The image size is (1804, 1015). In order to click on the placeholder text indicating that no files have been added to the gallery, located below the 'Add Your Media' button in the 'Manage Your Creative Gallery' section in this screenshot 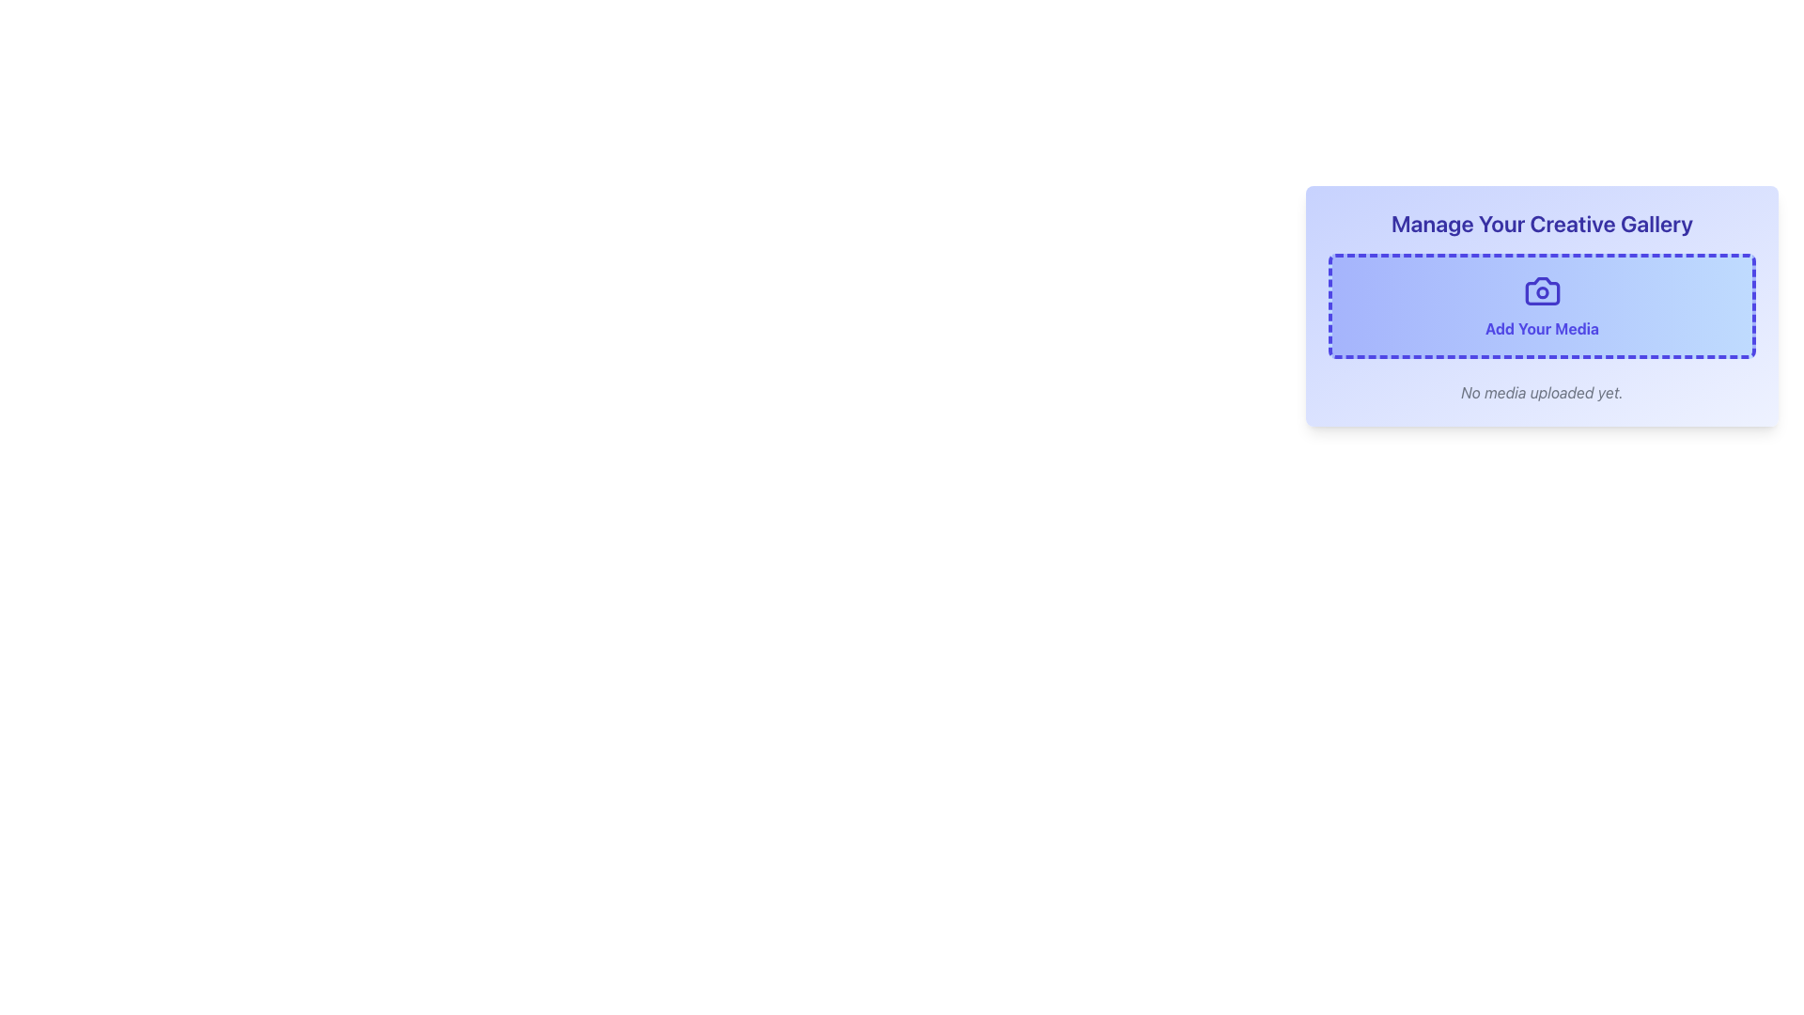, I will do `click(1542, 391)`.